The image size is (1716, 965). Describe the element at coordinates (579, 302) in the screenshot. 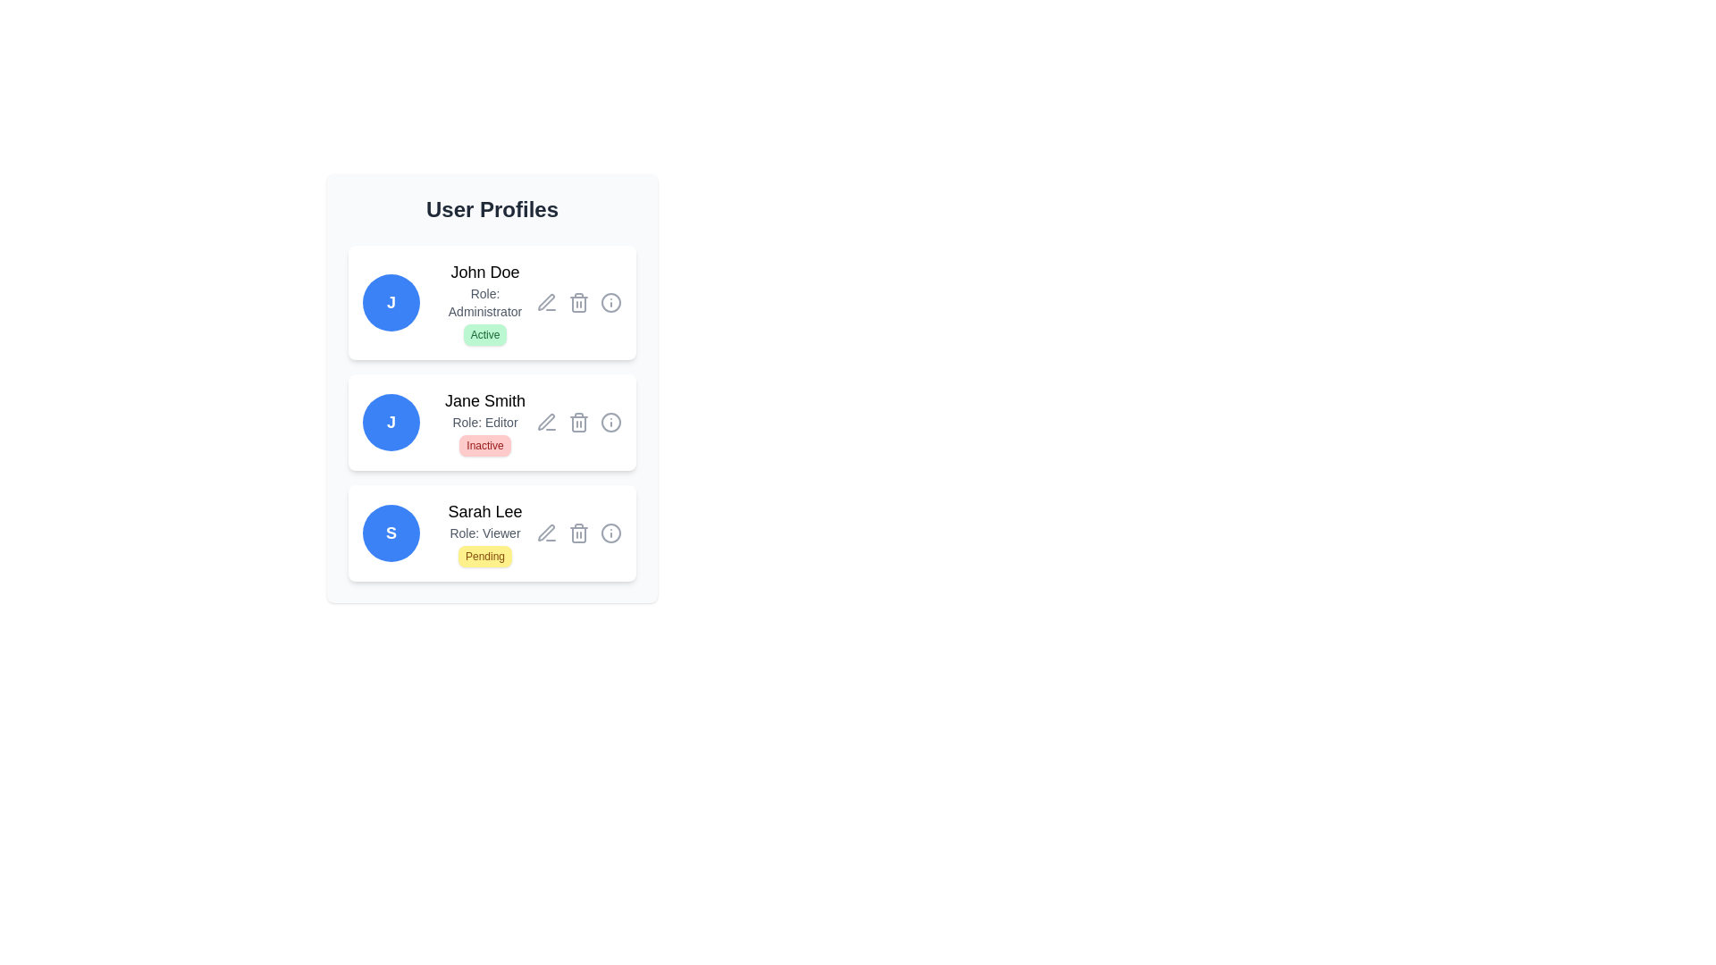

I see `the delete action button icon located to the right of the entry for 'John Doe' in the user profile list to initiate the deletion process` at that location.